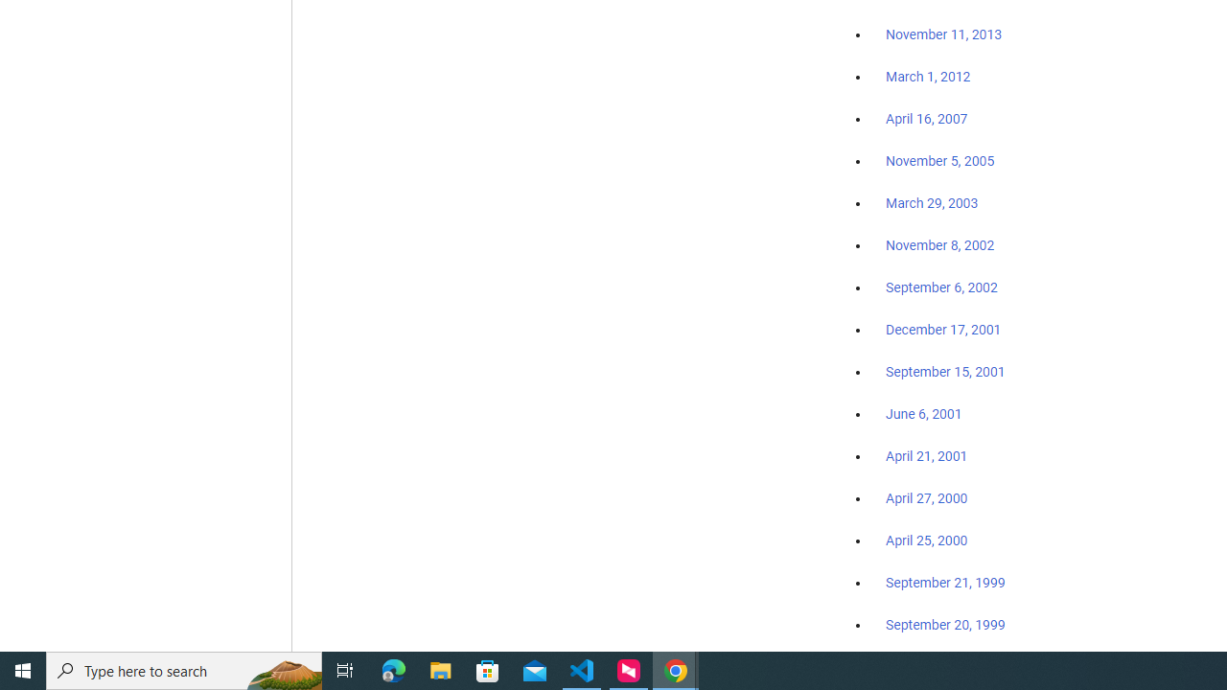 The width and height of the screenshot is (1227, 690). I want to click on 'September 21, 1999', so click(945, 582).